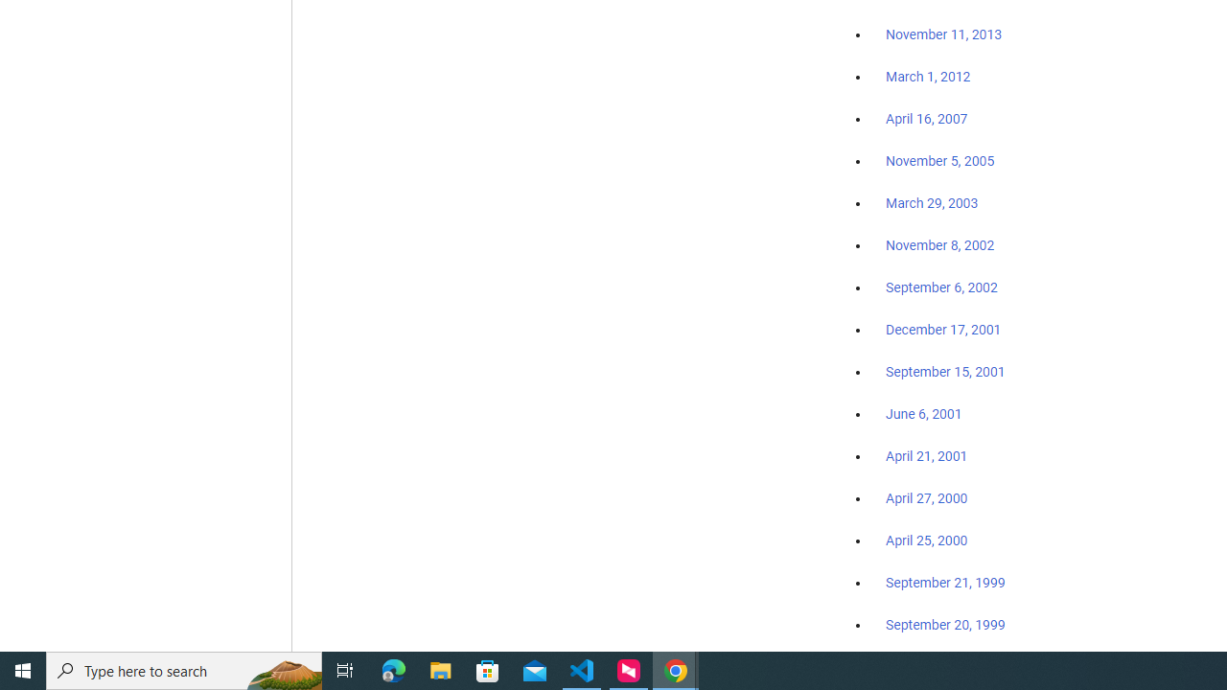 The width and height of the screenshot is (1227, 690). I want to click on 'September 21, 1999', so click(945, 582).